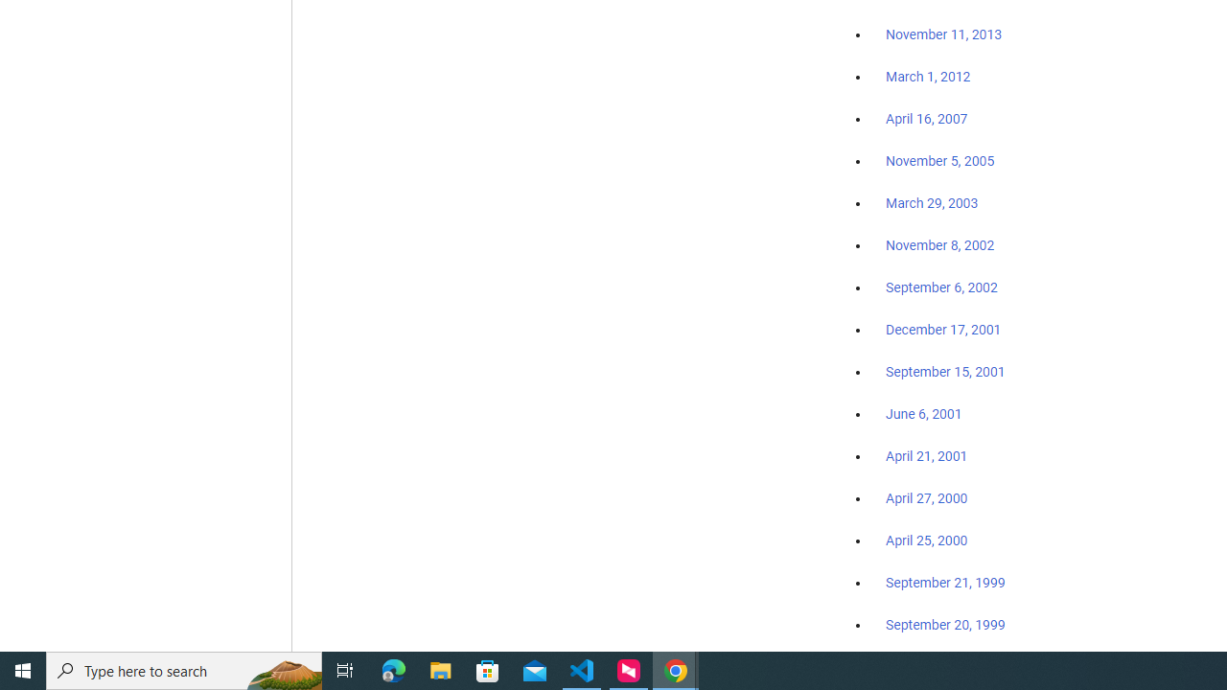 The width and height of the screenshot is (1227, 690). I want to click on 'September 21, 1999', so click(945, 582).